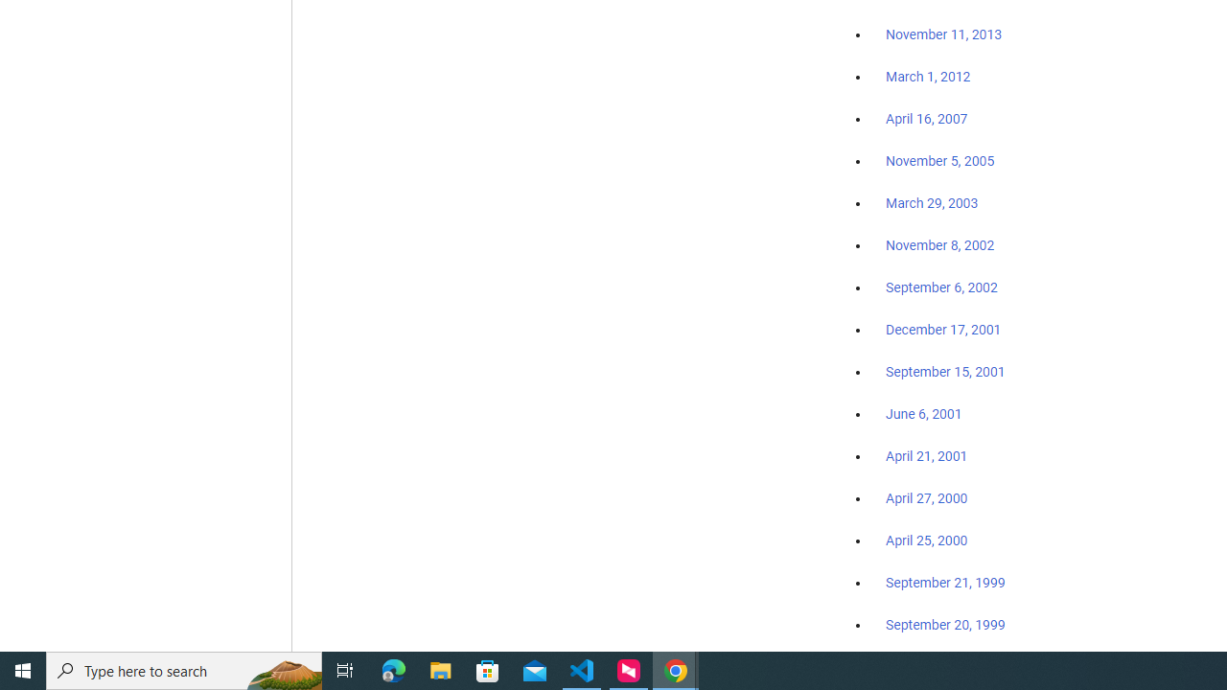 The width and height of the screenshot is (1227, 690). I want to click on 'September 21, 1999', so click(945, 582).